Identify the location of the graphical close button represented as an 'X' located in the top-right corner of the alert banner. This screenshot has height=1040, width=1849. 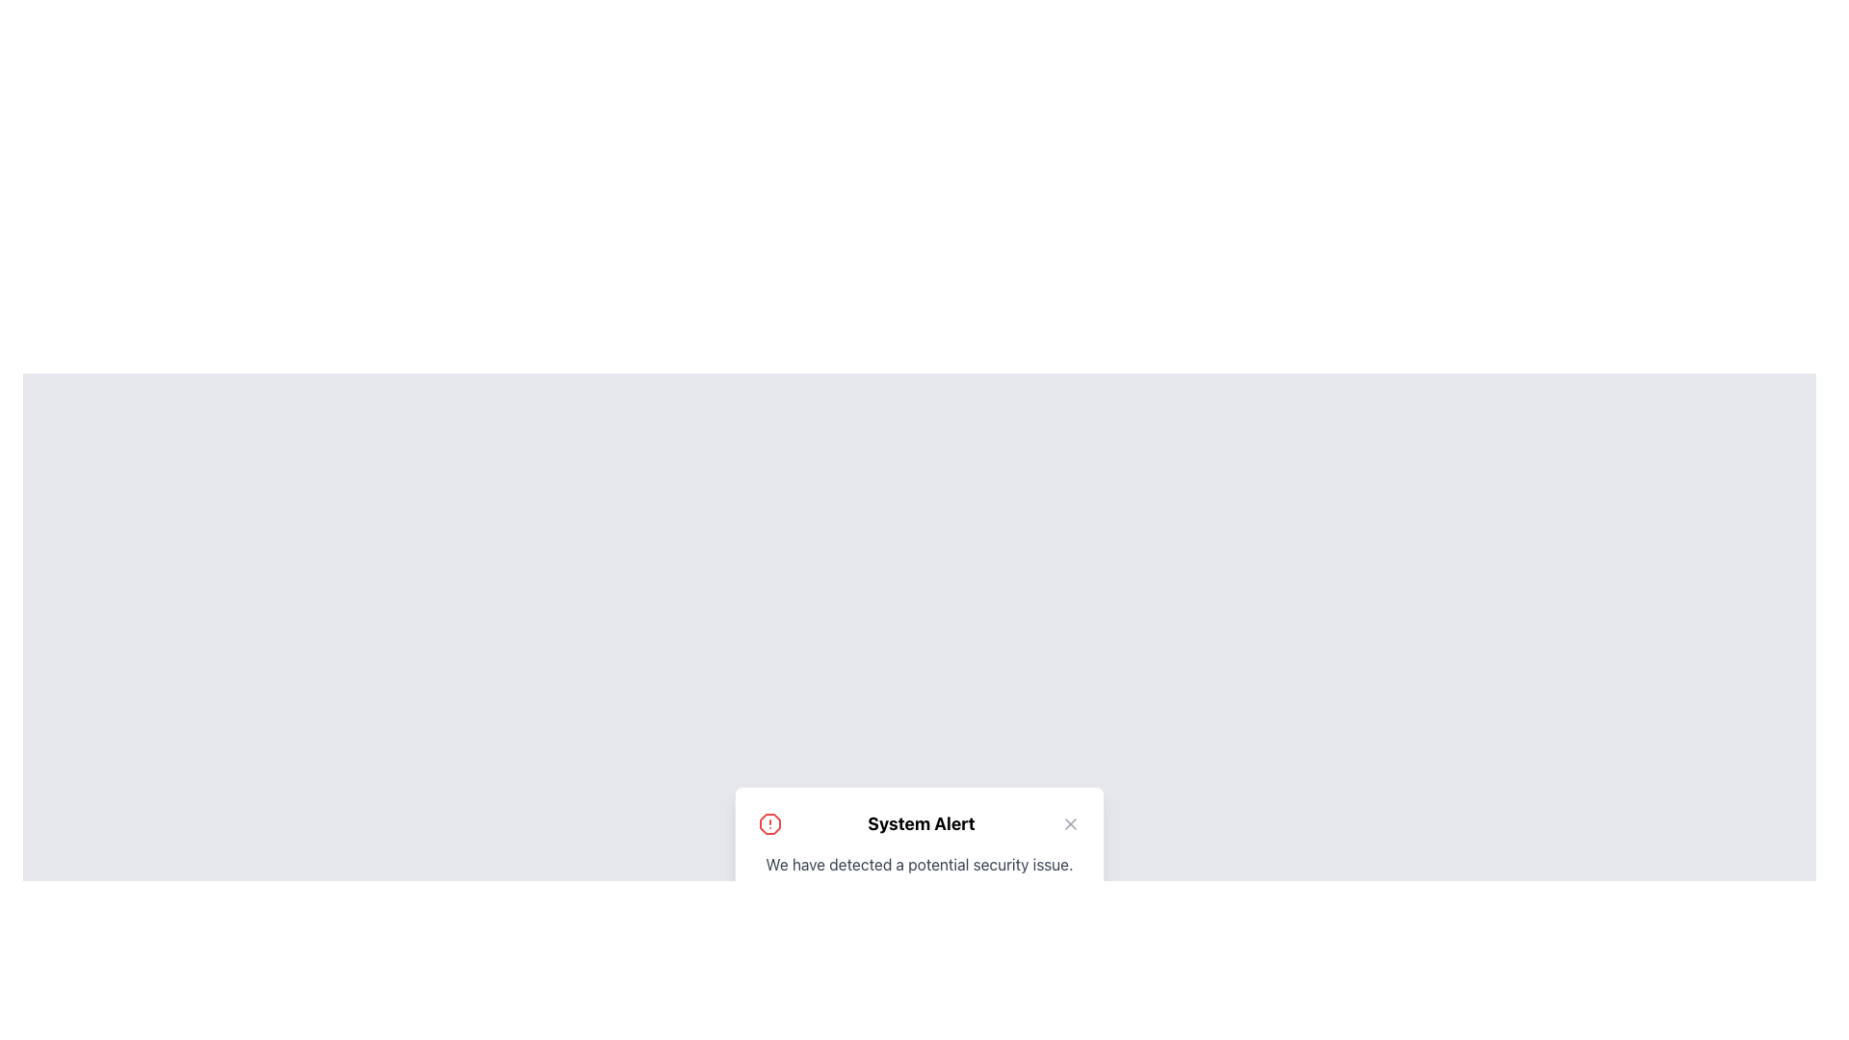
(1070, 823).